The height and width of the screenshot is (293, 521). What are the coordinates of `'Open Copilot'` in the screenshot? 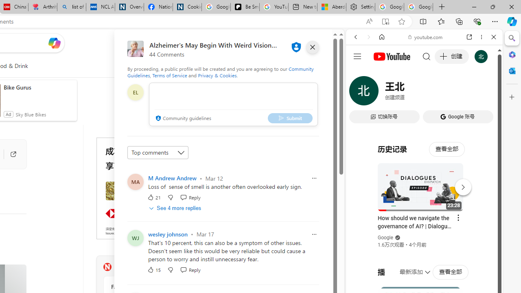 It's located at (54, 43).